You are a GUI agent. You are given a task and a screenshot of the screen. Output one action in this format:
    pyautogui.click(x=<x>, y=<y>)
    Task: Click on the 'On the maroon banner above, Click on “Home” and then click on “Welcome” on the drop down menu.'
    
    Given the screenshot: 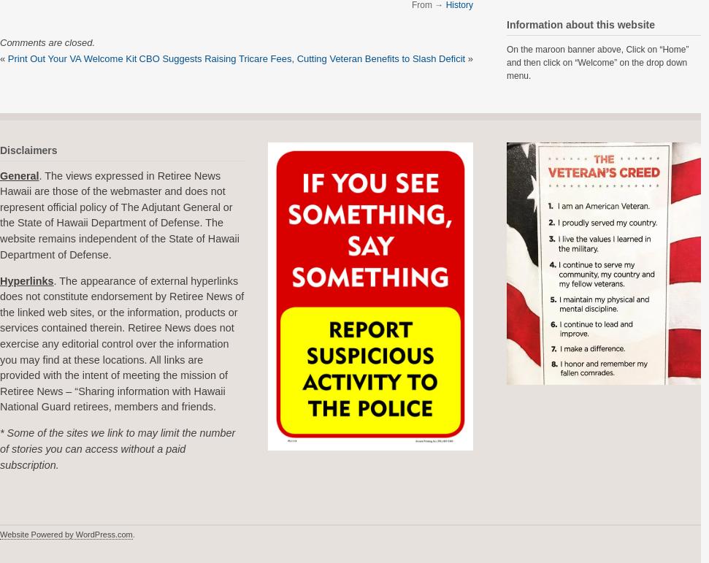 What is the action you would take?
    pyautogui.click(x=506, y=61)
    